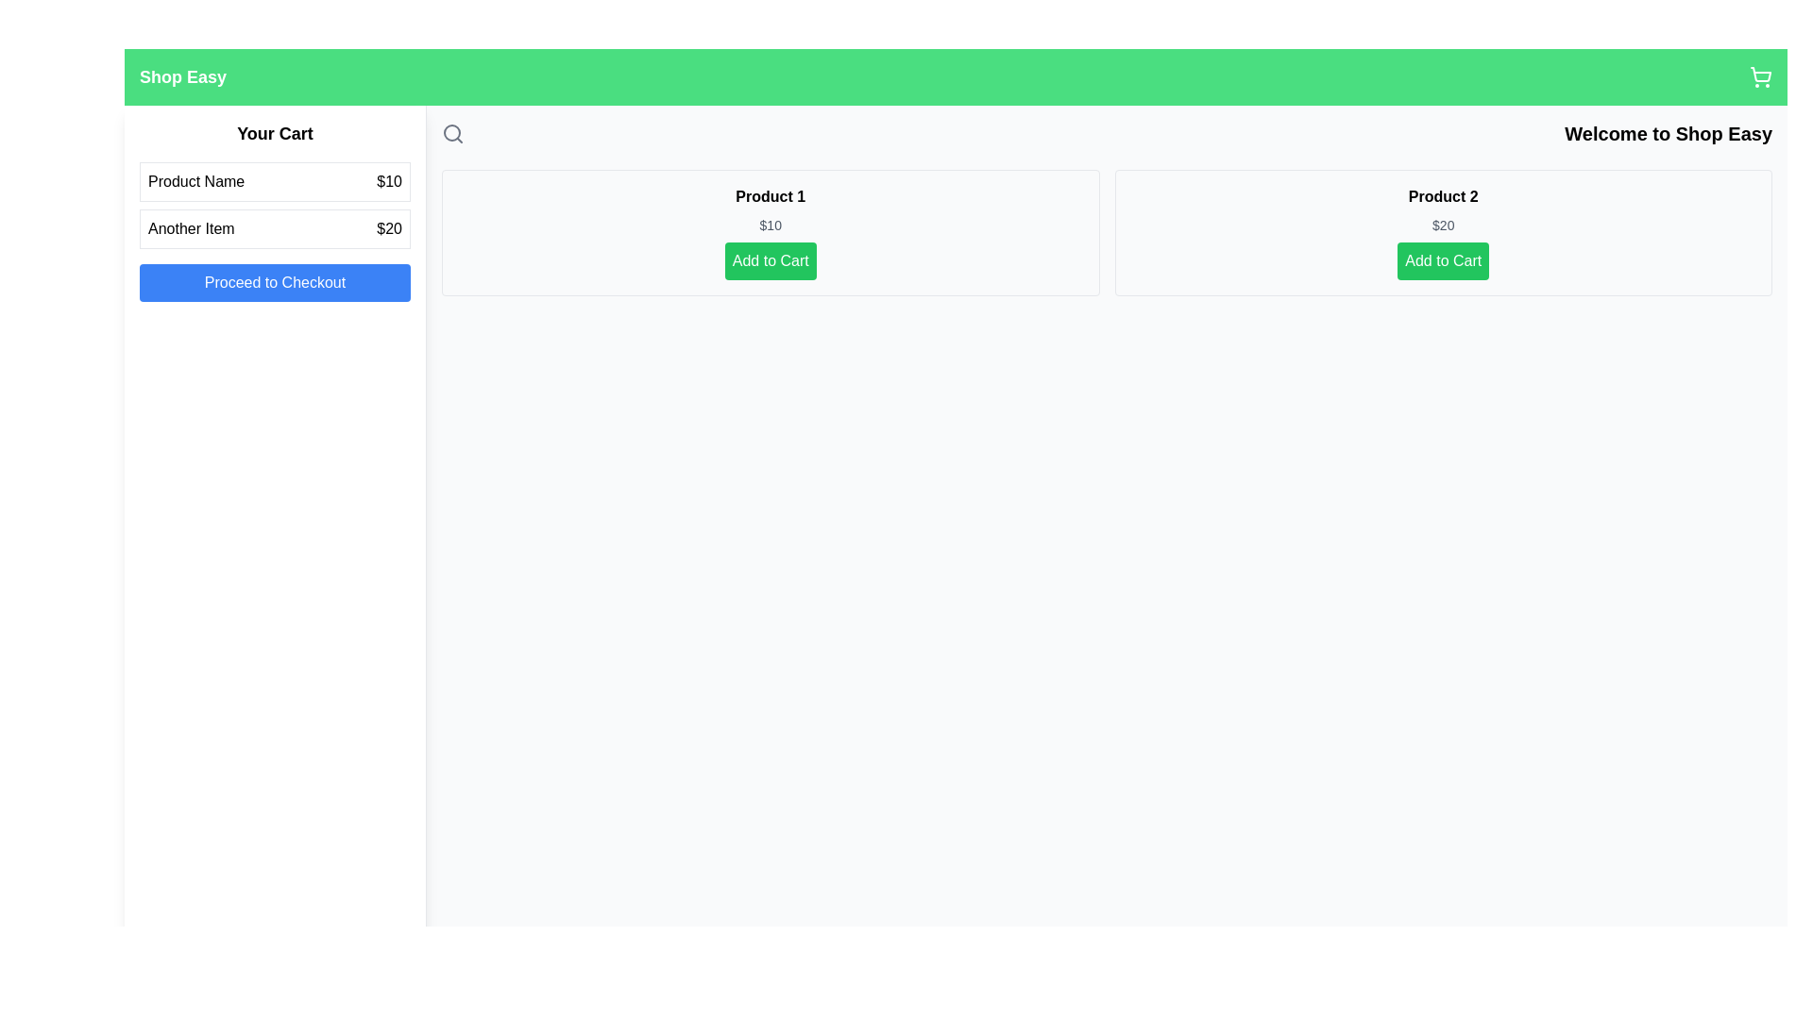  Describe the element at coordinates (388, 181) in the screenshot. I see `the static text label displaying the price of 'Product Name' in the cart section, located to the right of the 'Product Name' label` at that location.